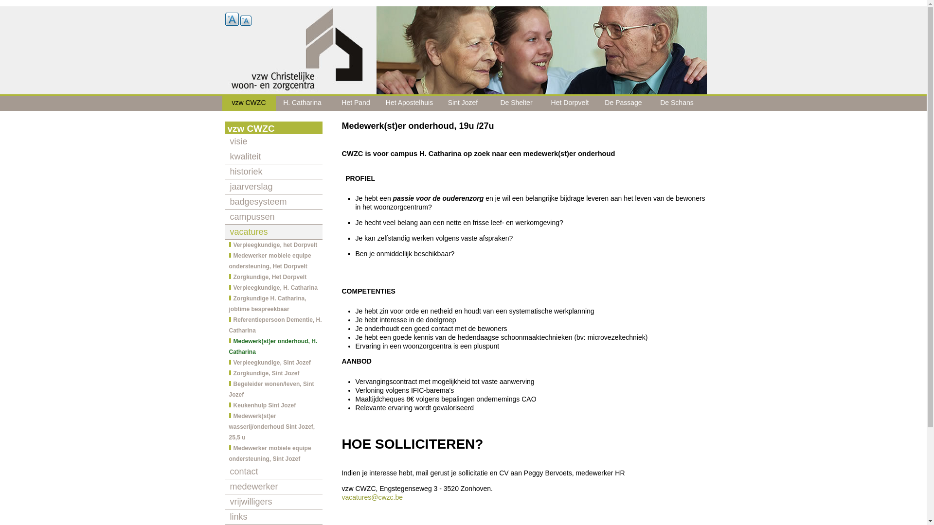 The height and width of the screenshot is (525, 934). What do you see at coordinates (272, 426) in the screenshot?
I see `'Medewerk(st)er wasserij/onderhoud Sint Jozef, 25,5 u'` at bounding box center [272, 426].